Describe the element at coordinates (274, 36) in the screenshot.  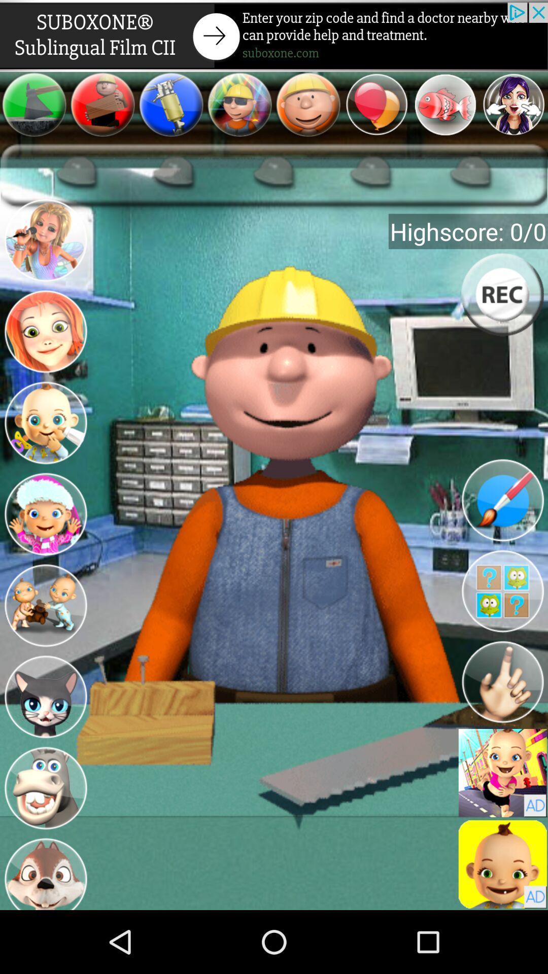
I see `site` at that location.